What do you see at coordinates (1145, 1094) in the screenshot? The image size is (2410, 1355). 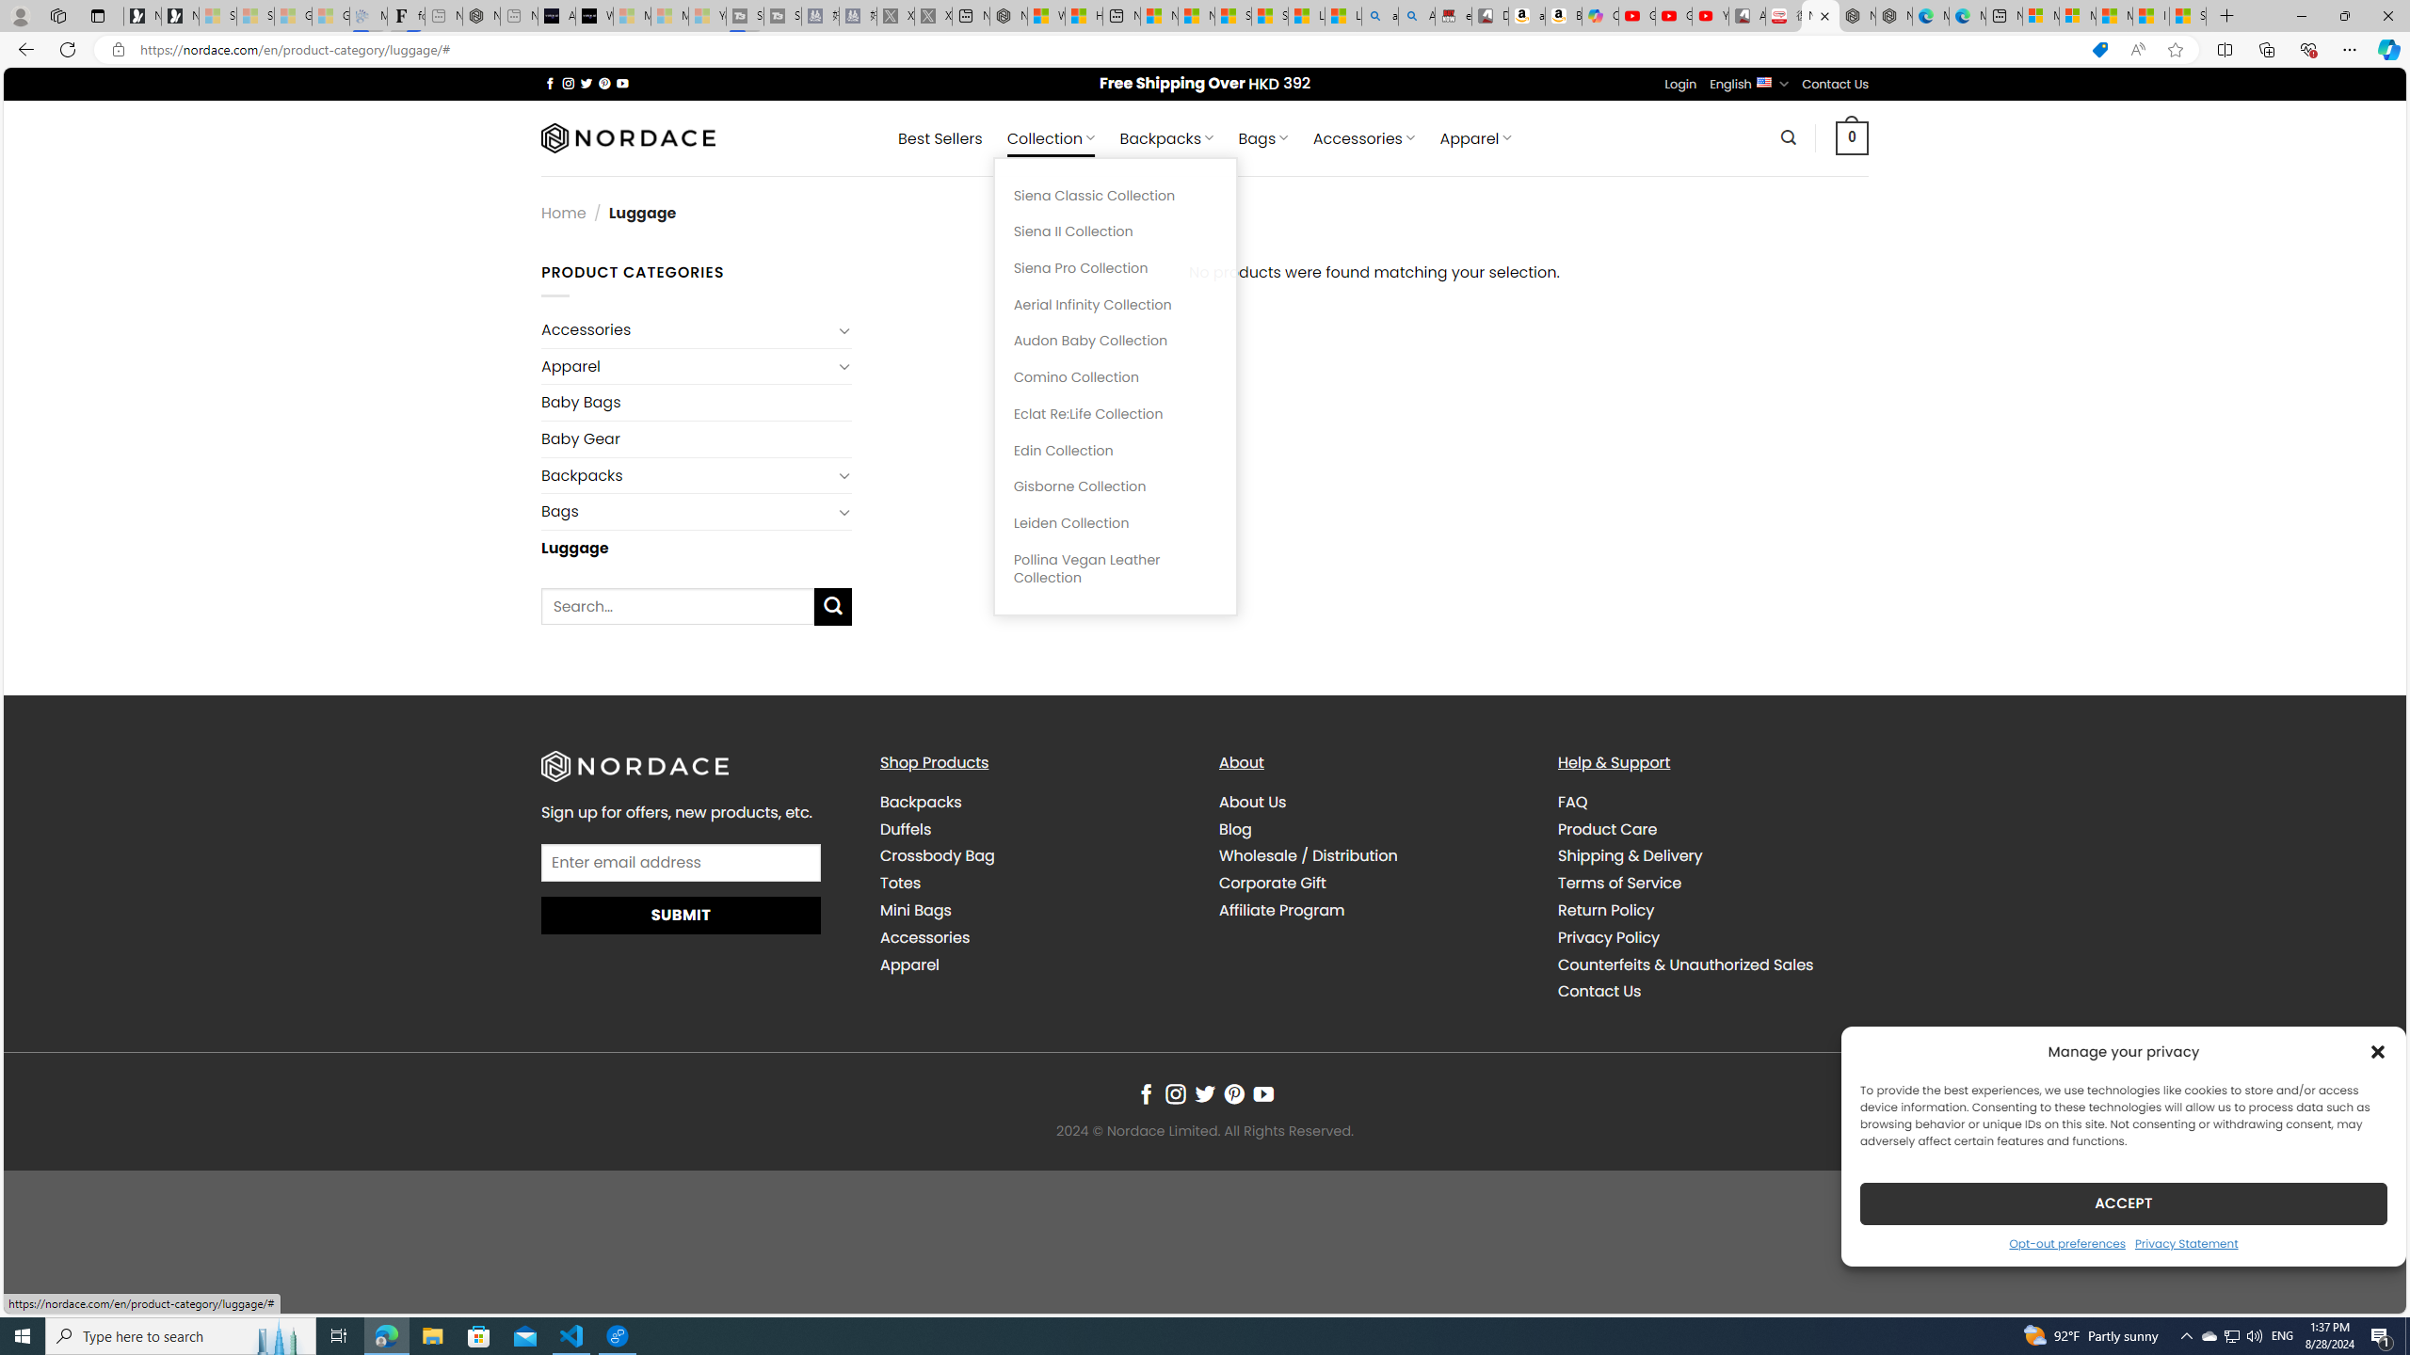 I see `'Follow on Facebook'` at bounding box center [1145, 1094].